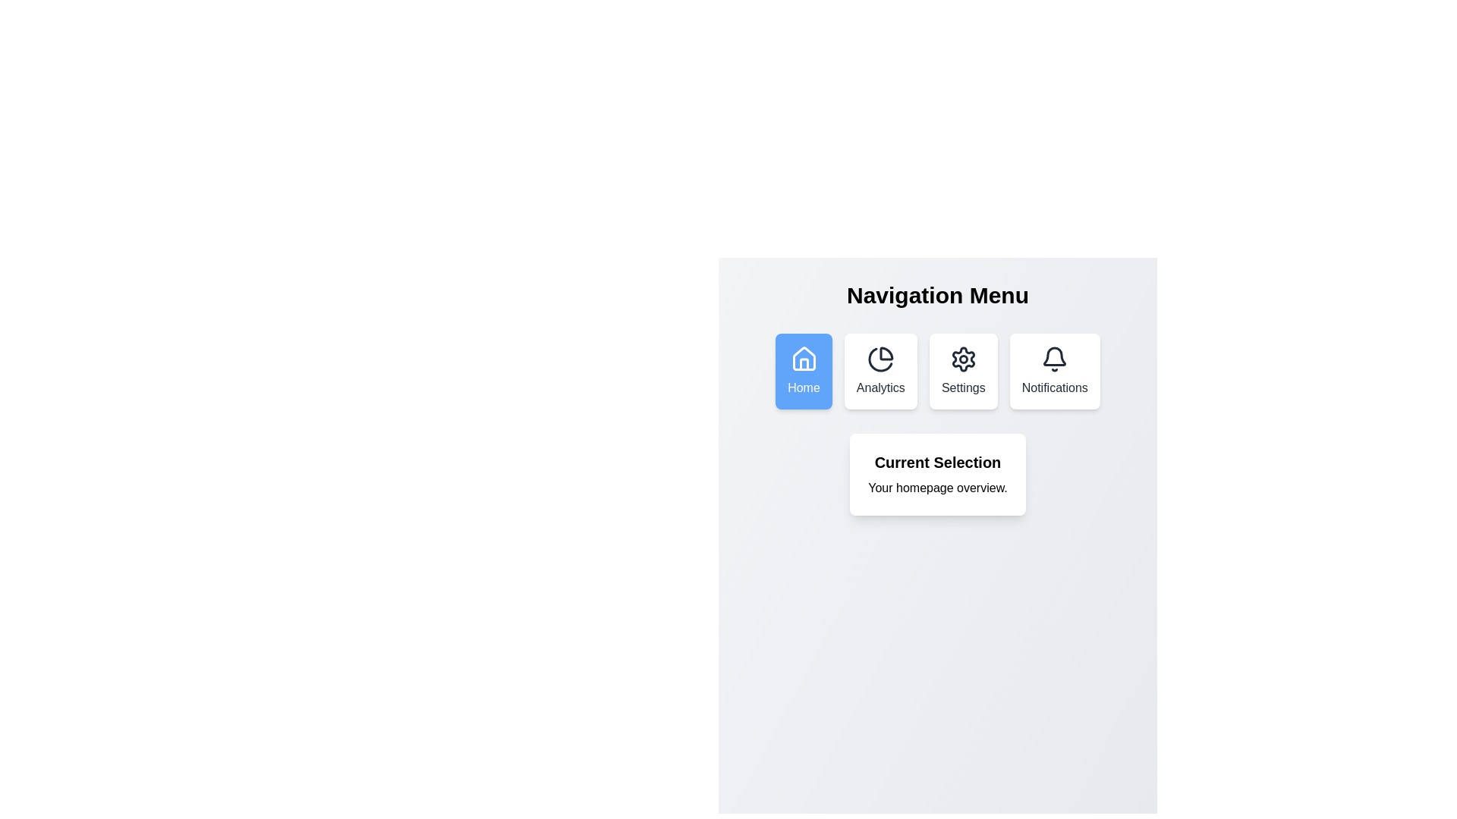 The width and height of the screenshot is (1457, 819). Describe the element at coordinates (803, 371) in the screenshot. I see `the menu item labeled Home to observe its hover effect` at that location.